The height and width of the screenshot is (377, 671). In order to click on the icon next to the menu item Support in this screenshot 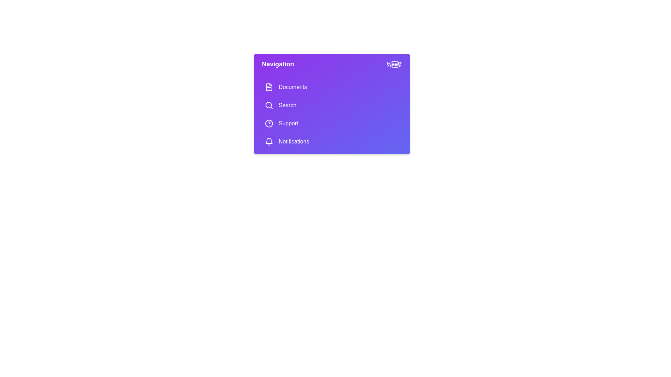, I will do `click(268, 123)`.